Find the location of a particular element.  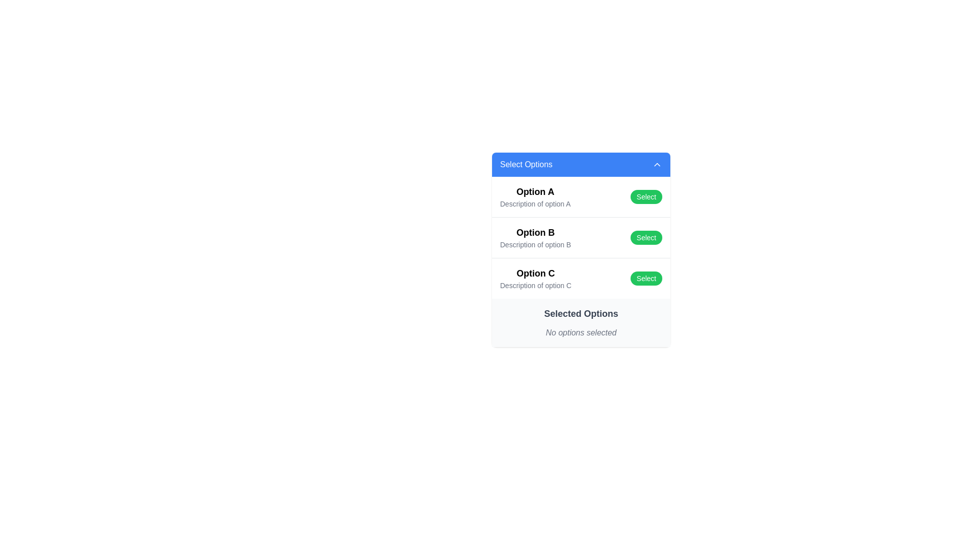

the text element displaying 'Description of option B', which is located beneath the 'Option B' header and aligned in the second option group is located at coordinates (535, 245).